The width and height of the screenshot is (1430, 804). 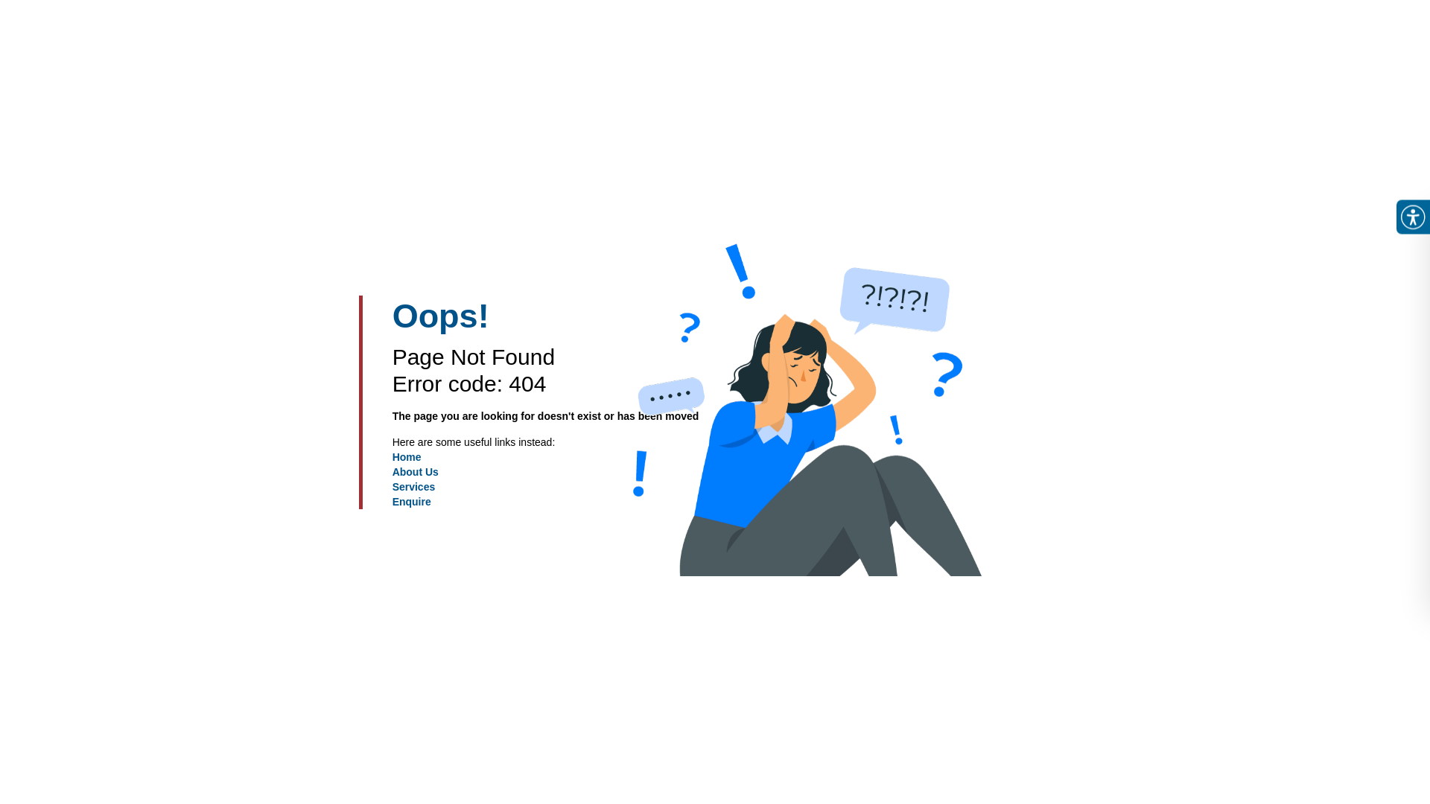 I want to click on 'About Us', so click(x=415, y=471).